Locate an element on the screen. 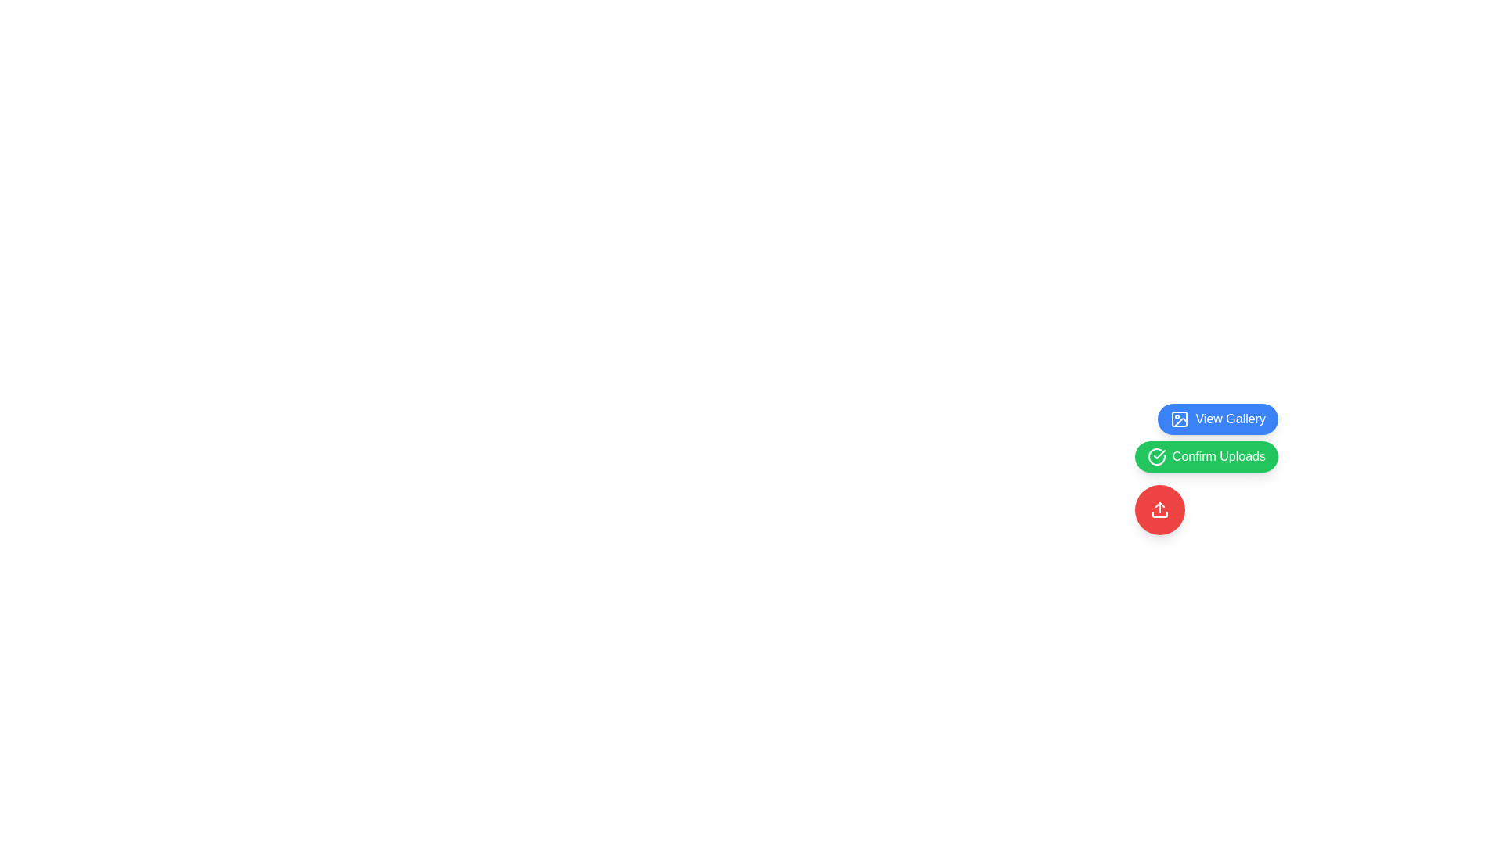 The image size is (1503, 845). the red circular upload button located at the bottom of the button stack, which features an upload icon with an upward arrow is located at coordinates (1159, 509).